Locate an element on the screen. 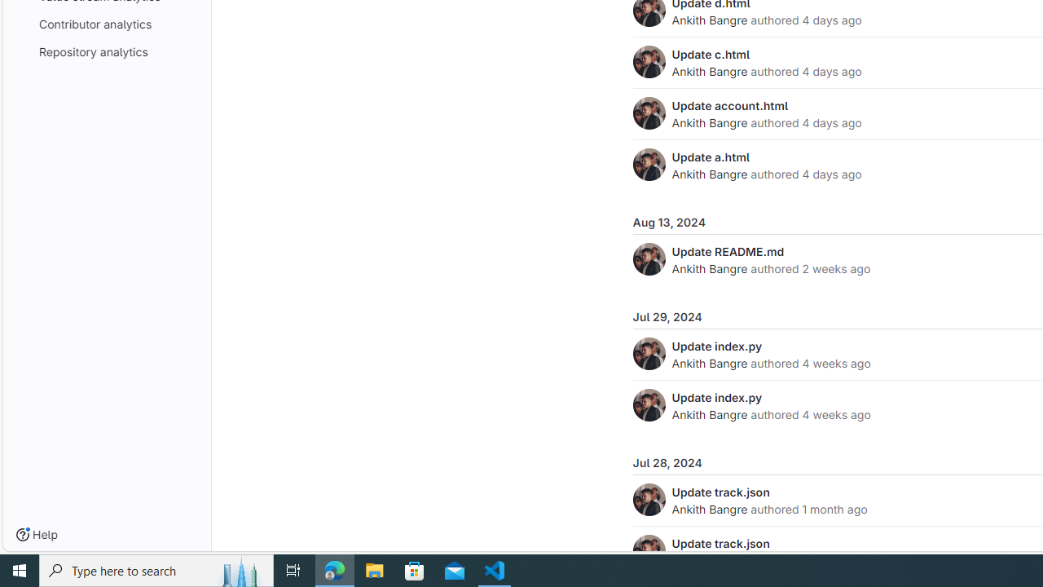  'Update a.html' is located at coordinates (711, 157).